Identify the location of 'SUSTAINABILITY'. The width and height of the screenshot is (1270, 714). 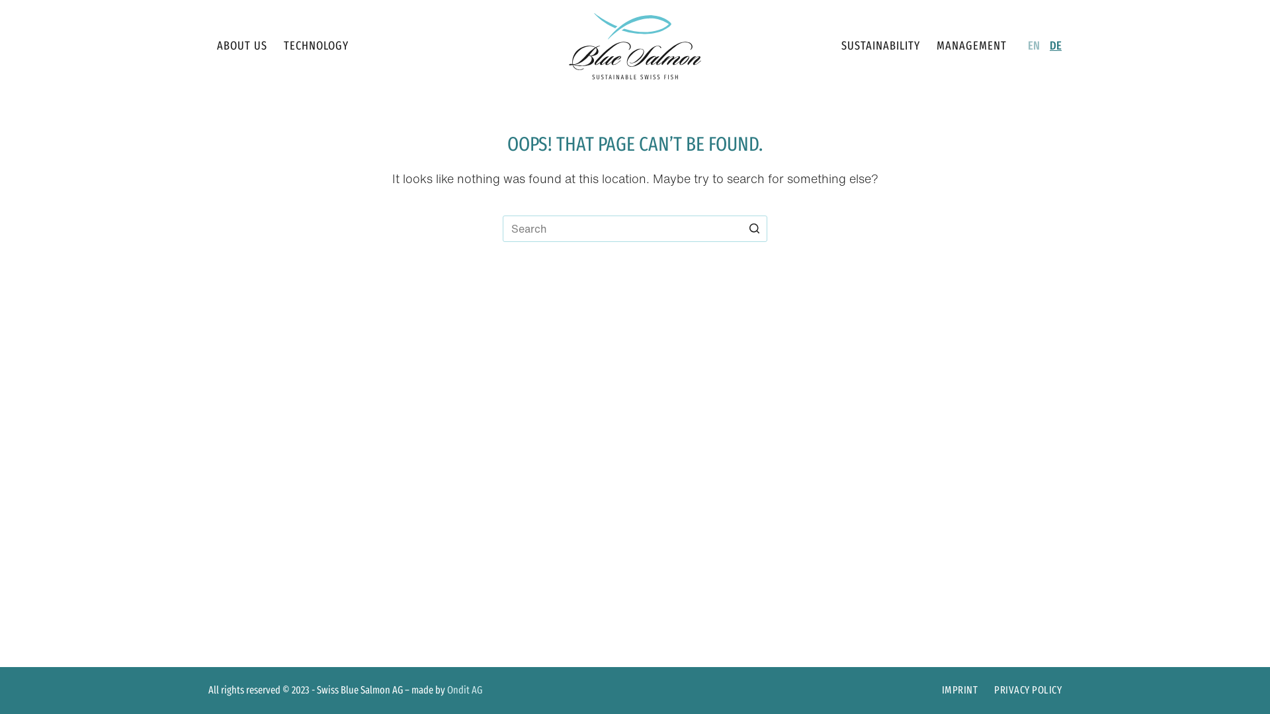
(831, 45).